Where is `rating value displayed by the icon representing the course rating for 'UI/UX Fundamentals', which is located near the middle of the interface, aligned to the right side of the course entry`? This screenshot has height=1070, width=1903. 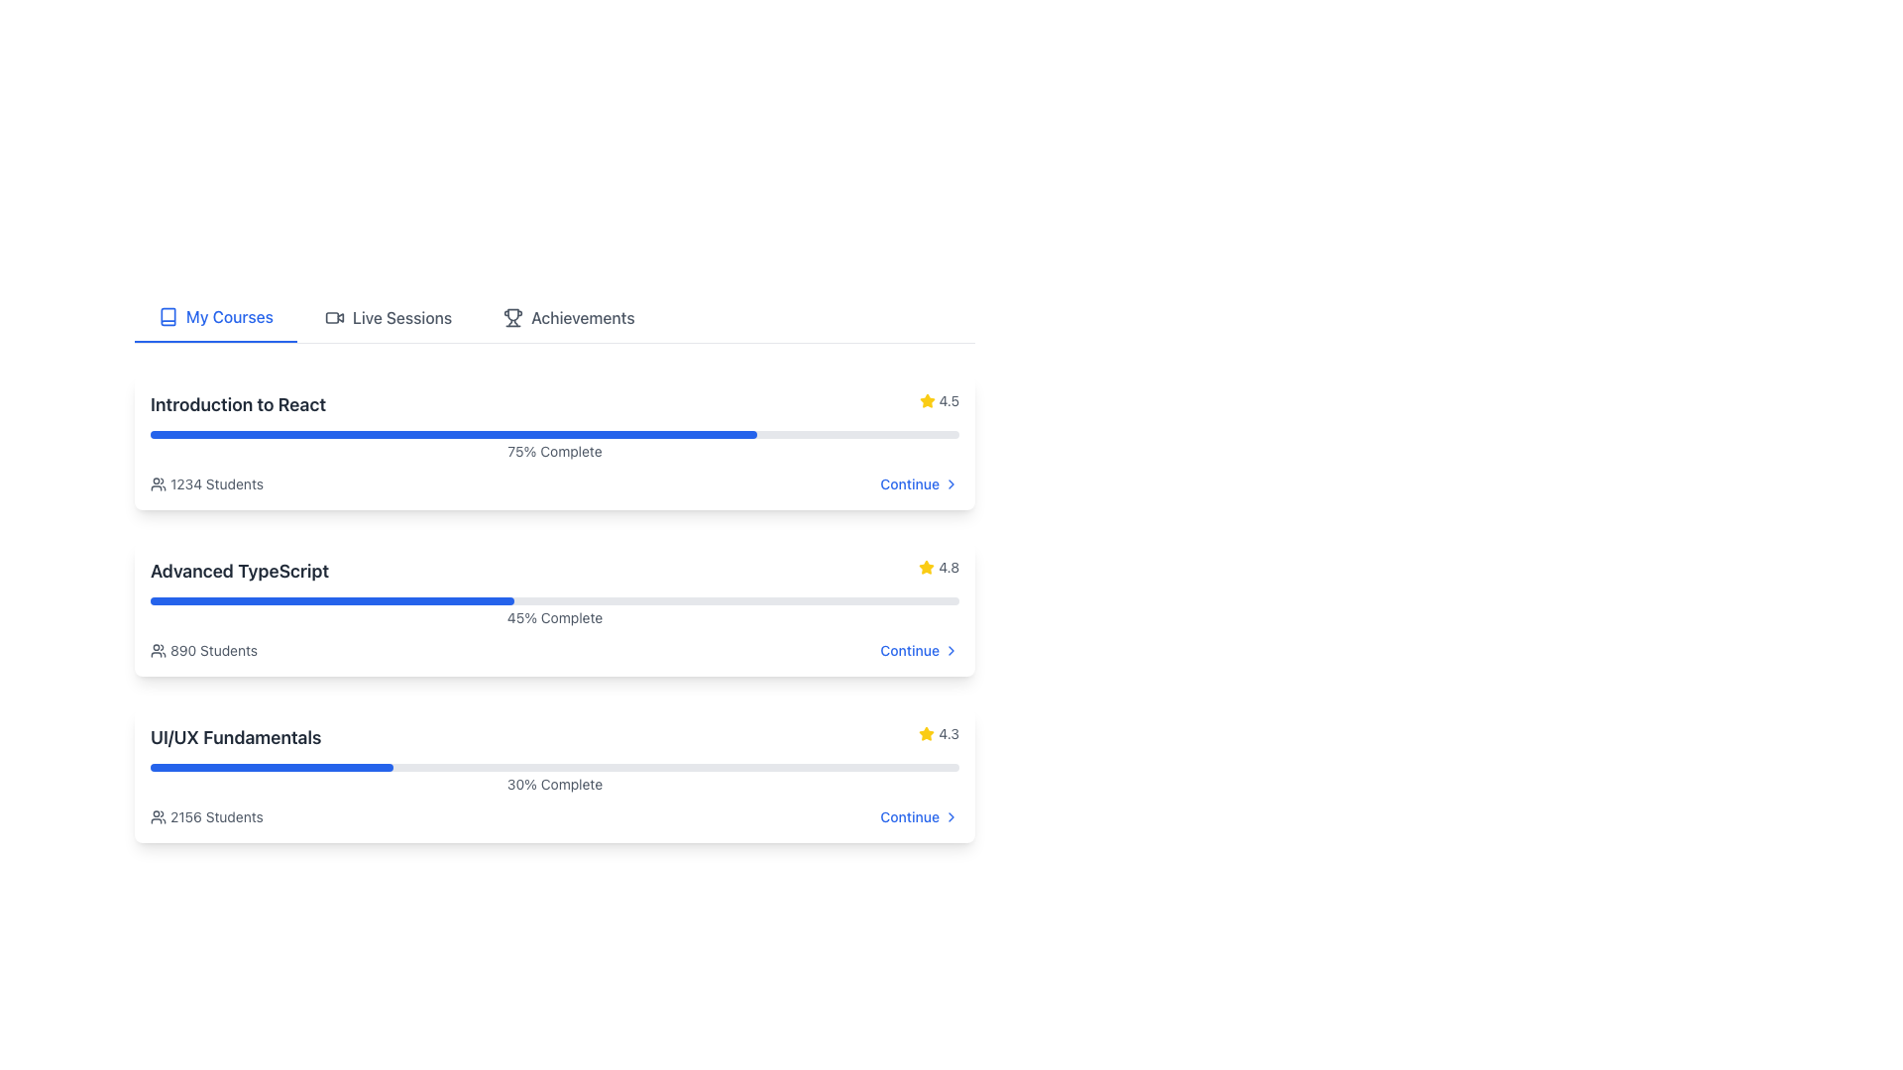
rating value displayed by the icon representing the course rating for 'UI/UX Fundamentals', which is located near the middle of the interface, aligned to the right side of the course entry is located at coordinates (926, 733).